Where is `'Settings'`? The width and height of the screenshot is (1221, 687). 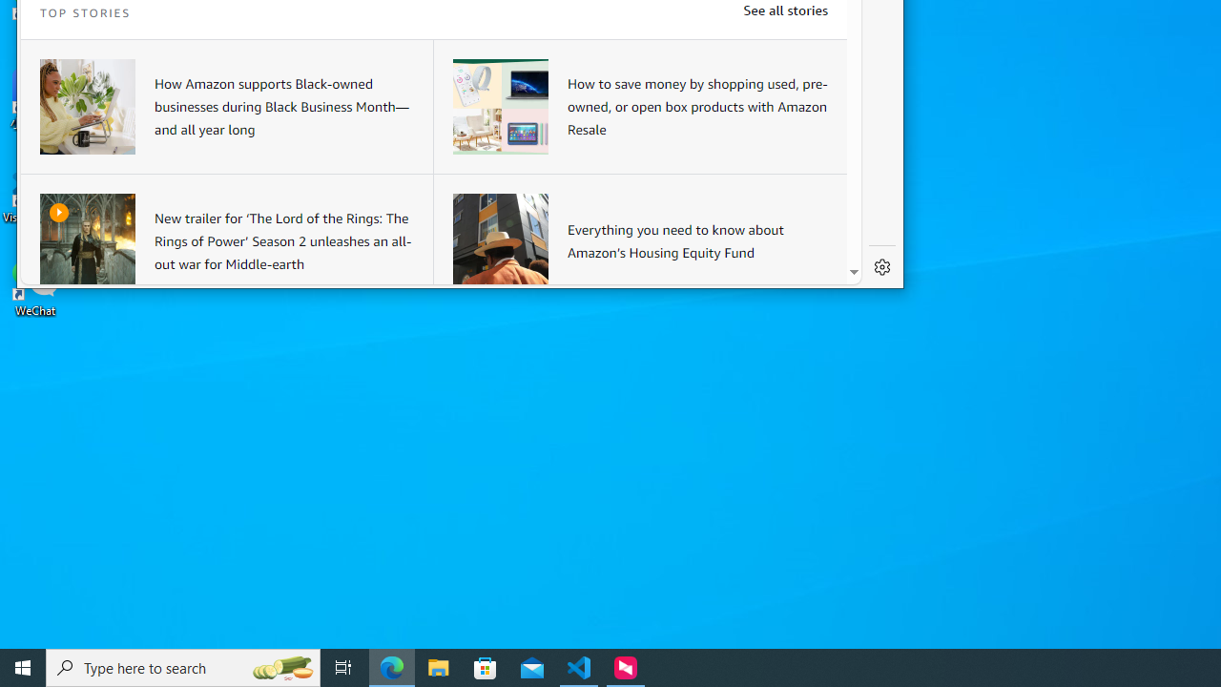 'Settings' is located at coordinates (881, 267).